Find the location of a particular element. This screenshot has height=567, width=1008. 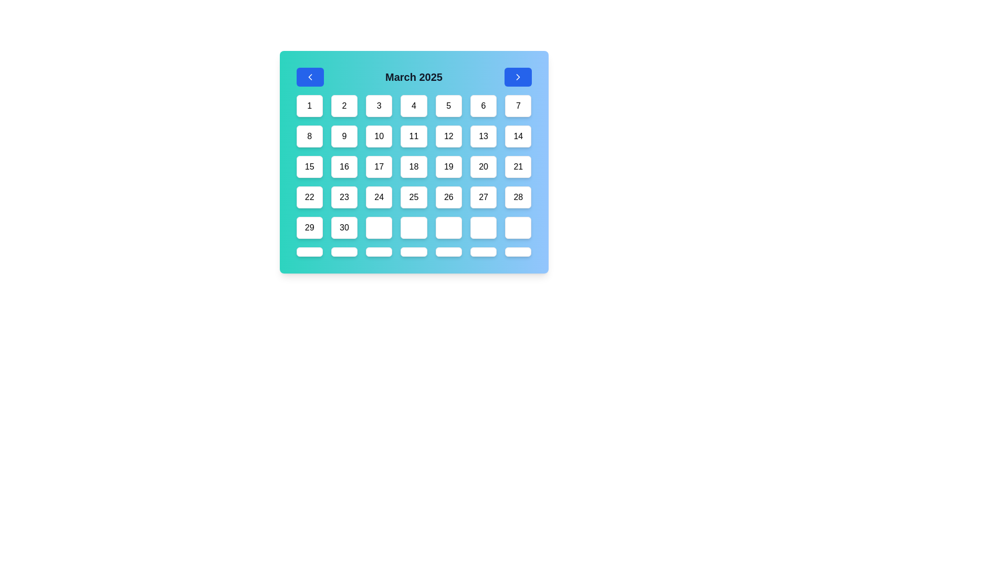

the Text-display box that shows the number '11' in the second row and fourth column of the grid layout is located at coordinates (413, 135).